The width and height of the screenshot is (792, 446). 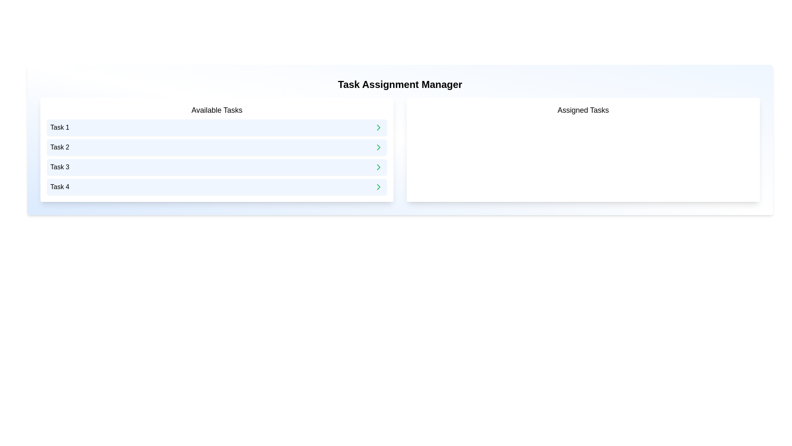 I want to click on arrow button next to Task 3 to assign it to the assigned list, so click(x=378, y=167).